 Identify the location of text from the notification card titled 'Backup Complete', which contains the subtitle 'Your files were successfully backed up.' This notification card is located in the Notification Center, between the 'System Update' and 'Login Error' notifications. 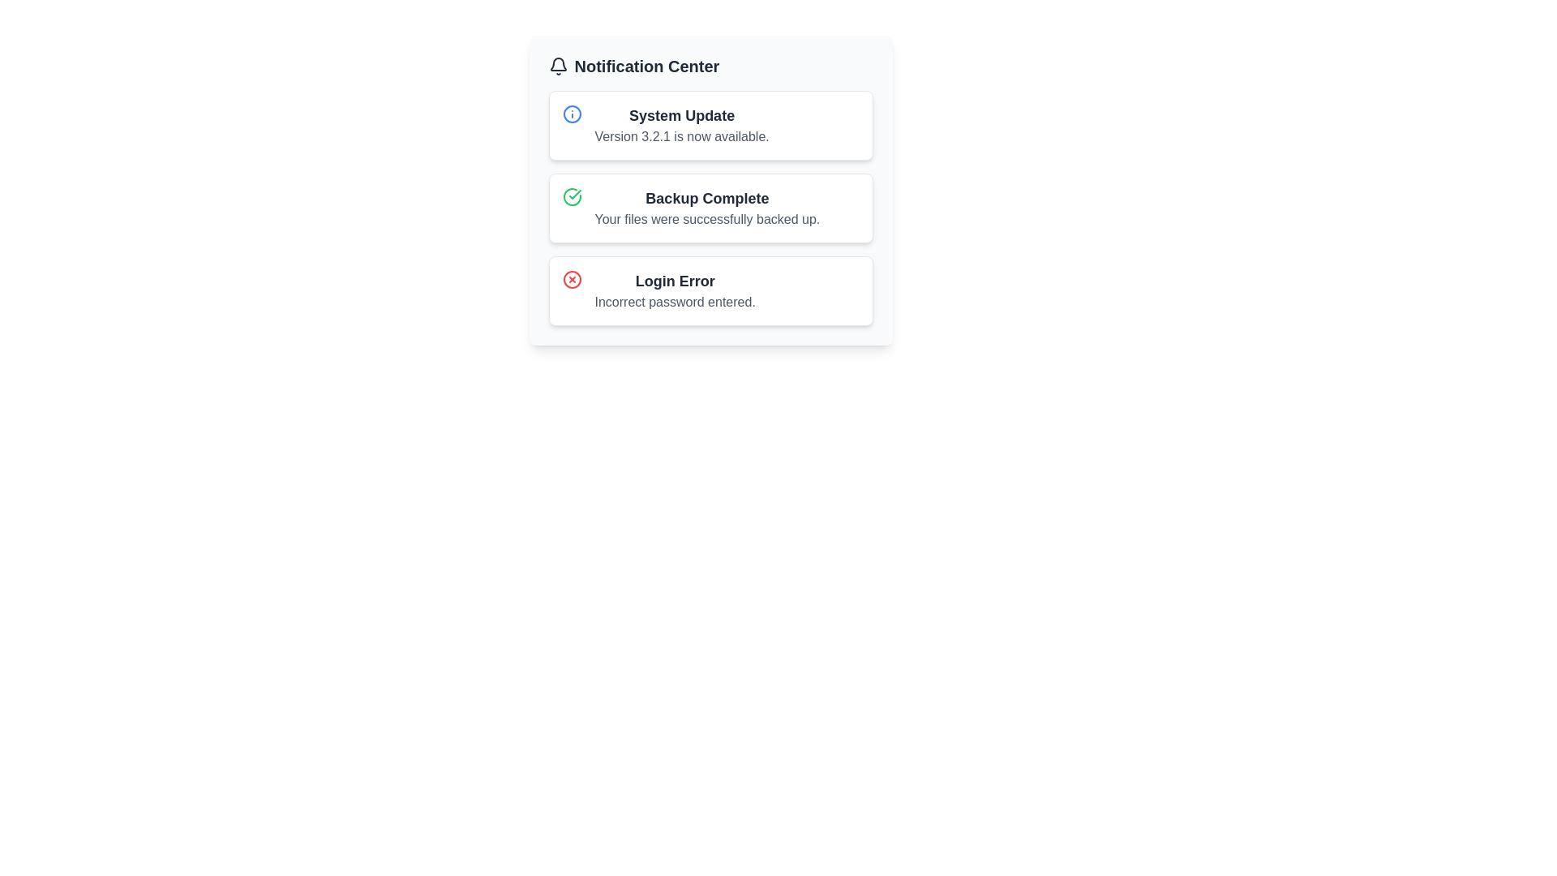
(710, 208).